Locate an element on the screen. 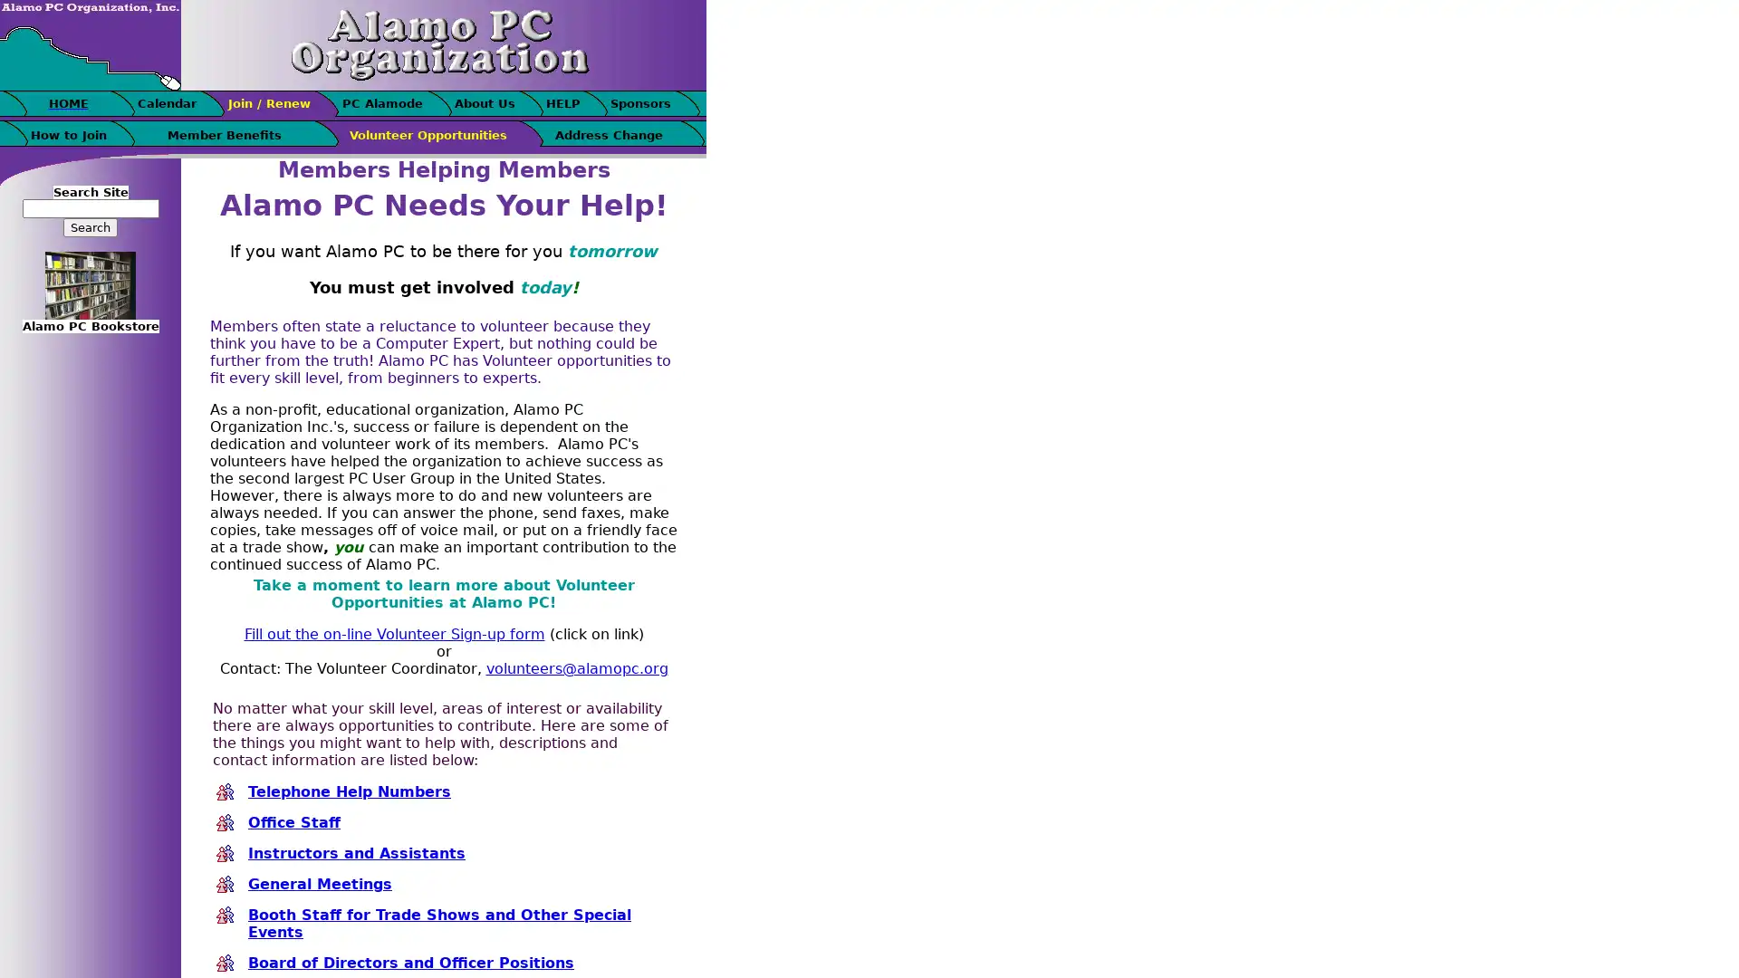 The height and width of the screenshot is (978, 1739). Search is located at coordinates (90, 226).